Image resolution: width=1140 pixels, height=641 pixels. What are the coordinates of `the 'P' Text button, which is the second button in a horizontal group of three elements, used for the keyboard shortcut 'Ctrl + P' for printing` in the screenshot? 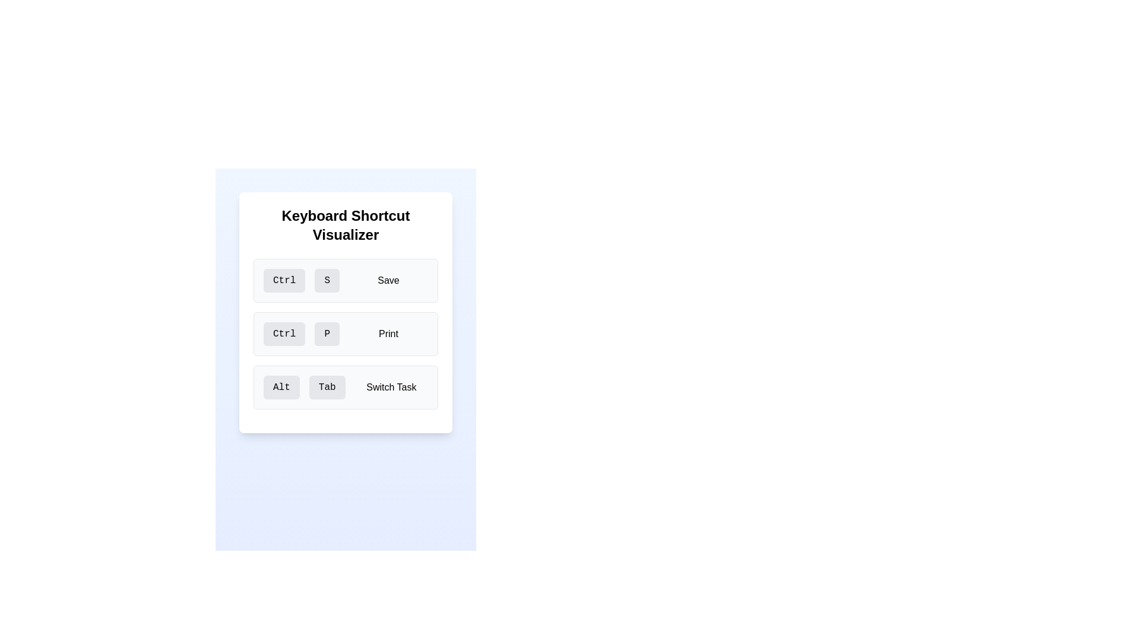 It's located at (327, 334).